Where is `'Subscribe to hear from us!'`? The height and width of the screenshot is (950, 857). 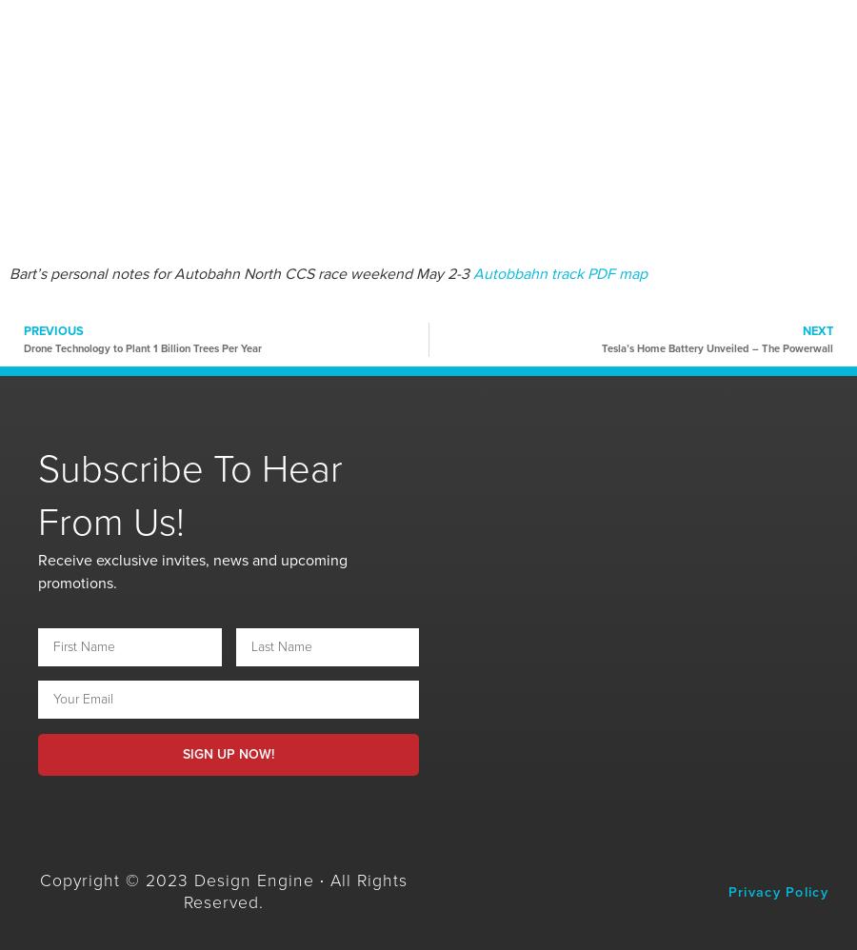 'Subscribe to hear from us!' is located at coordinates (189, 495).